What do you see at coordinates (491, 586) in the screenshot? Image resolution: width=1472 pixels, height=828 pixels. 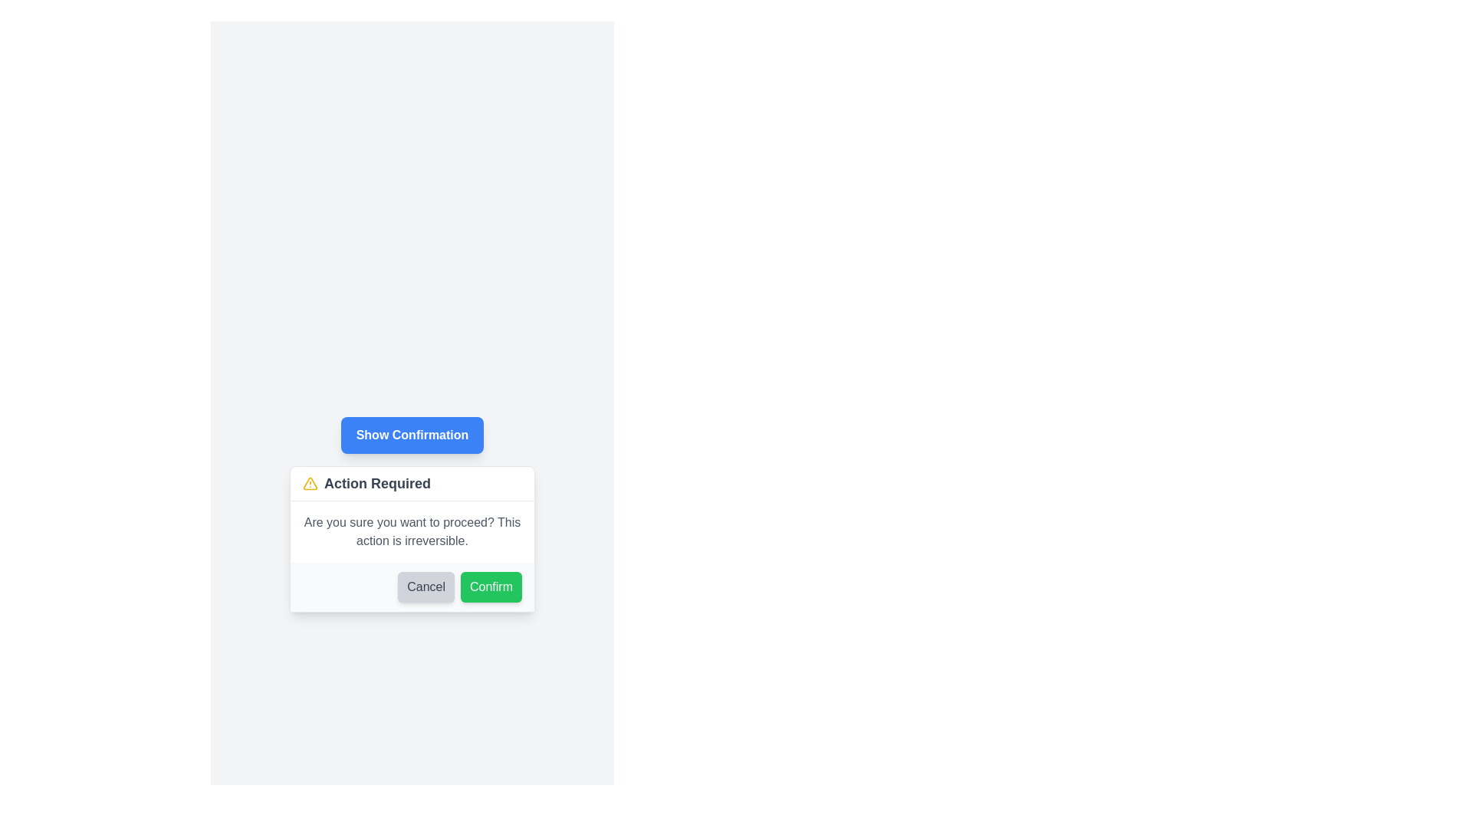 I see `the 'Confirm' button with a green background and white text located at the bottom-right corner of the modal dialog box to change its shade` at bounding box center [491, 586].